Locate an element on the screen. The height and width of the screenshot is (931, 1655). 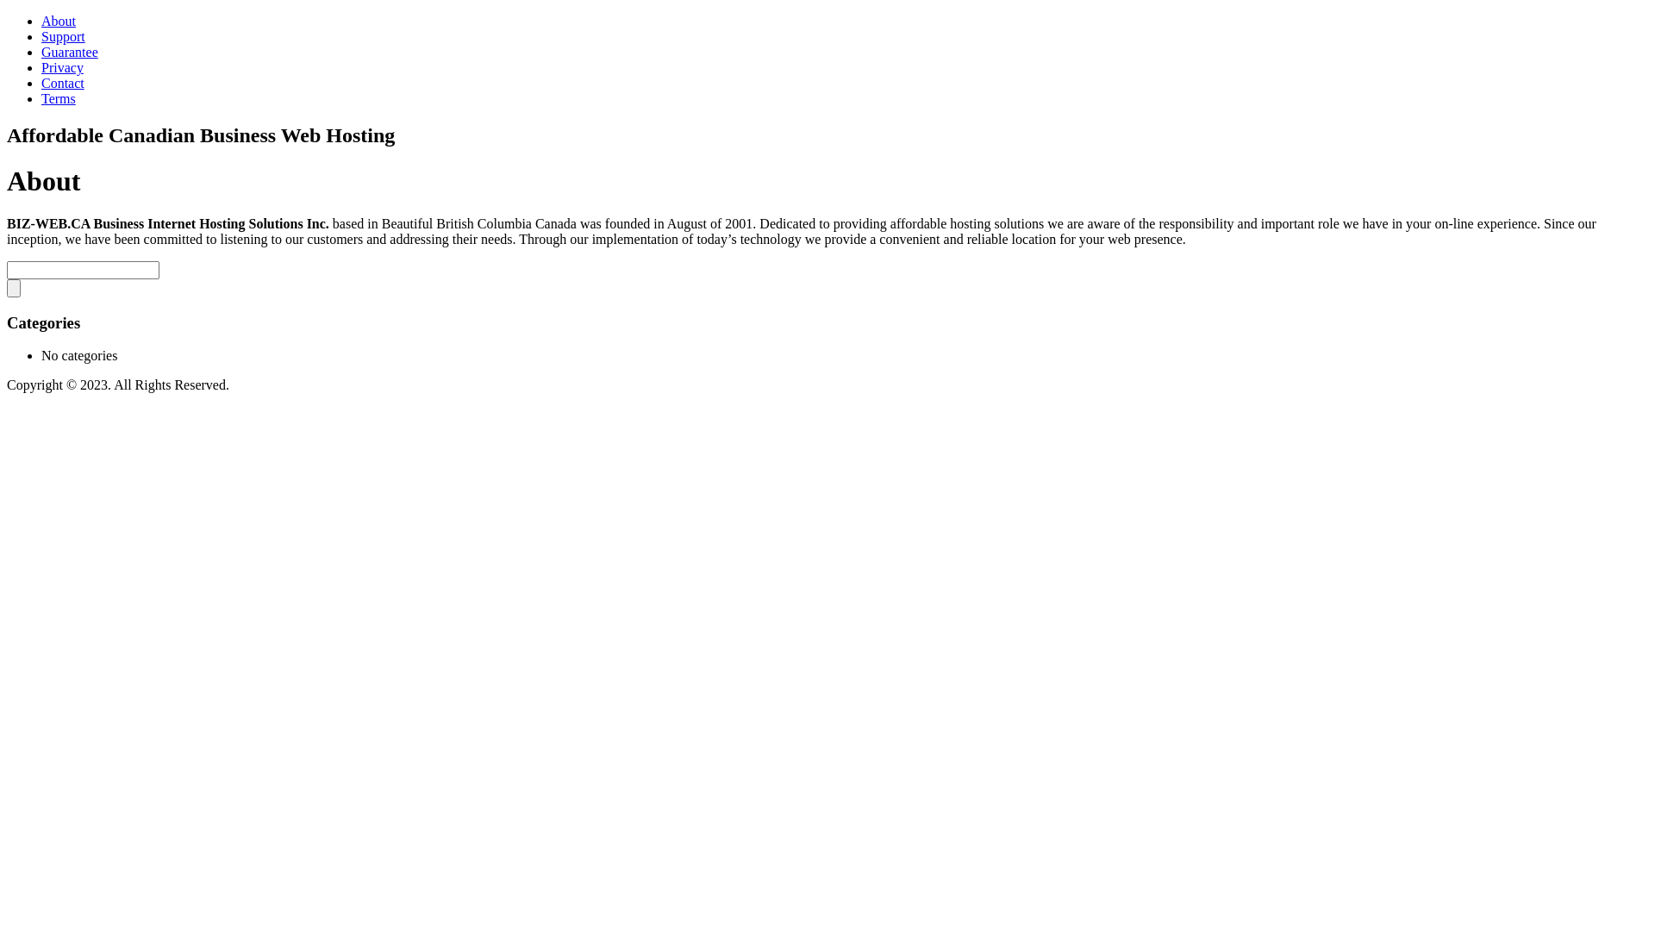
'Privacy' is located at coordinates (62, 66).